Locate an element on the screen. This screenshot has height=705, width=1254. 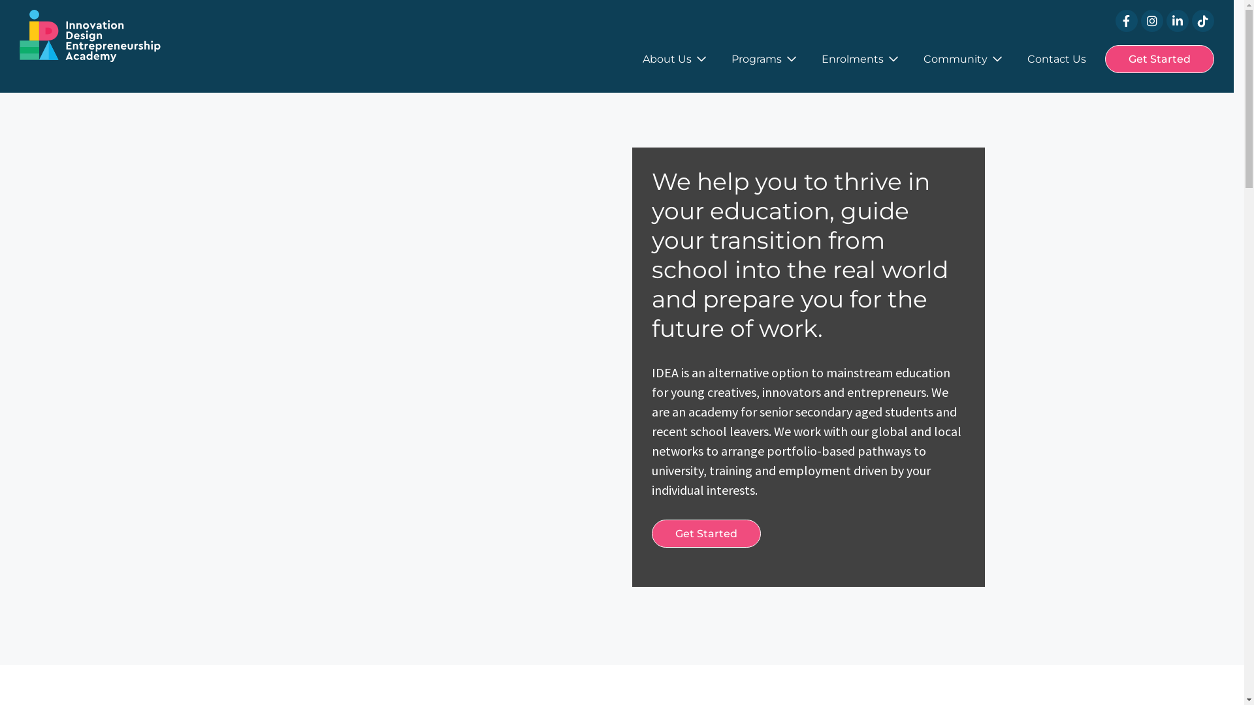
'Get Started' is located at coordinates (1159, 59).